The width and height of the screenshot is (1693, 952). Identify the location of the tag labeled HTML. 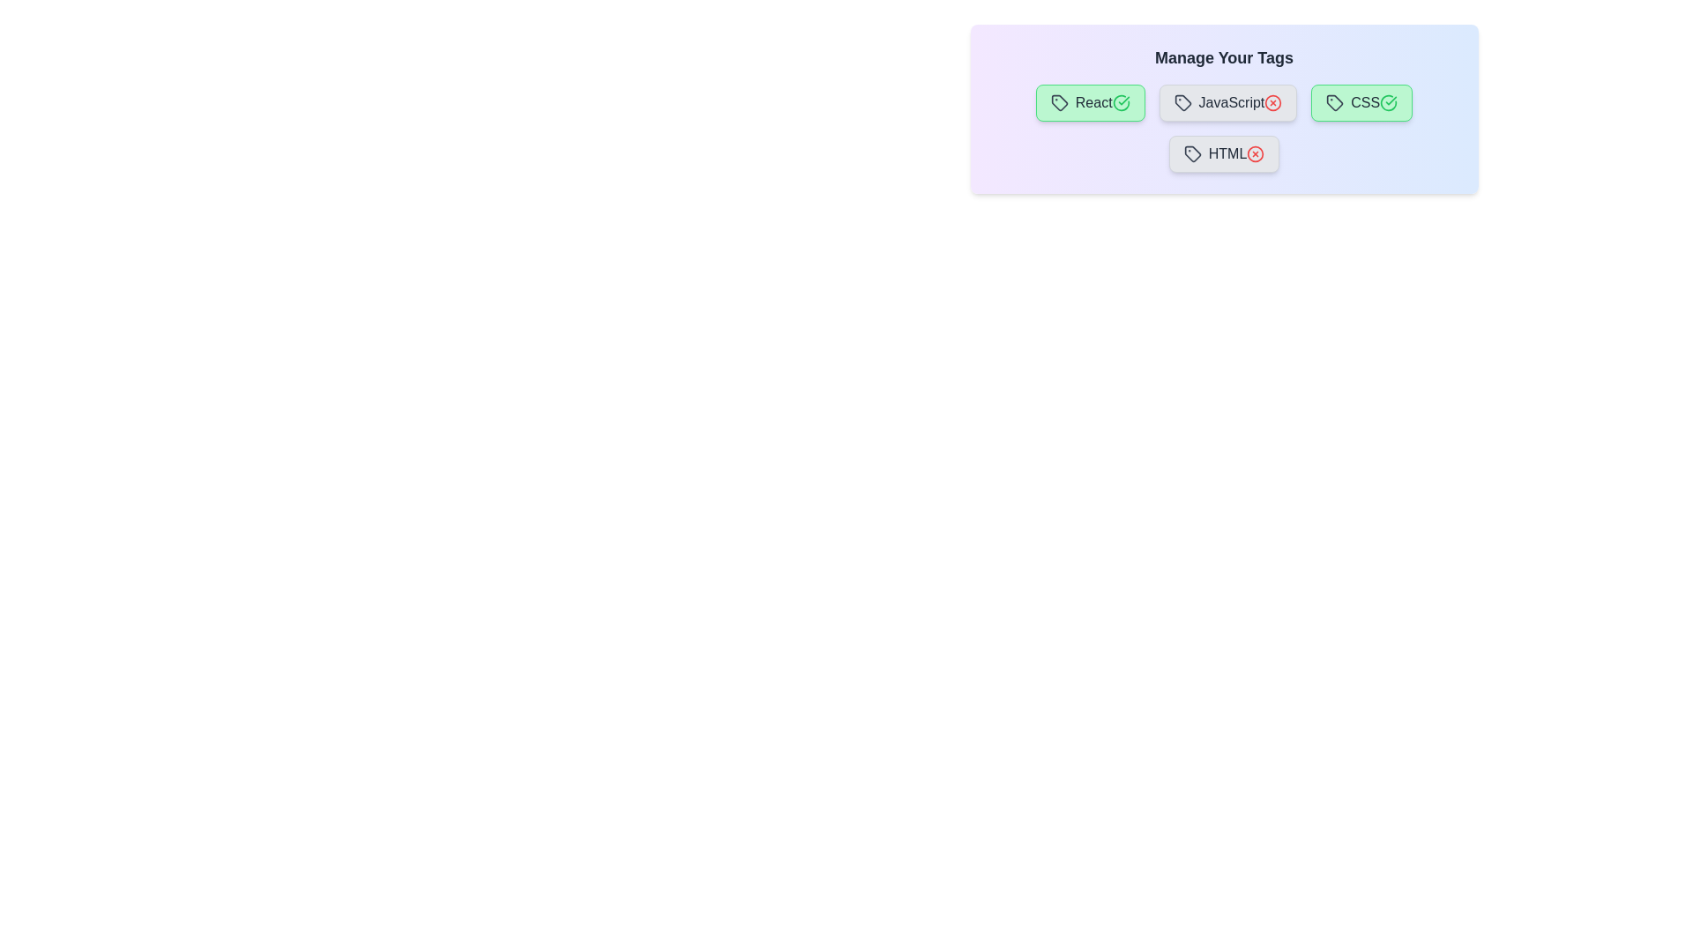
(1223, 152).